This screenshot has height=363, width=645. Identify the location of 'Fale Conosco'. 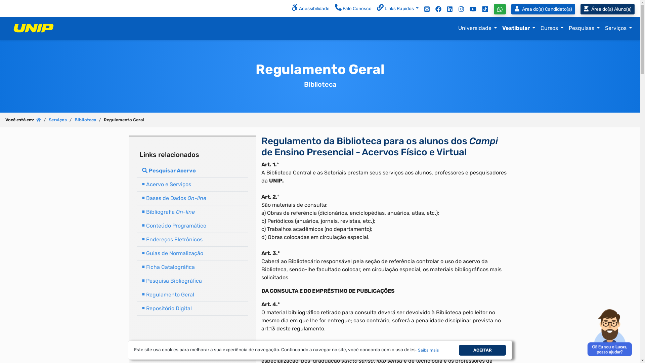
(353, 9).